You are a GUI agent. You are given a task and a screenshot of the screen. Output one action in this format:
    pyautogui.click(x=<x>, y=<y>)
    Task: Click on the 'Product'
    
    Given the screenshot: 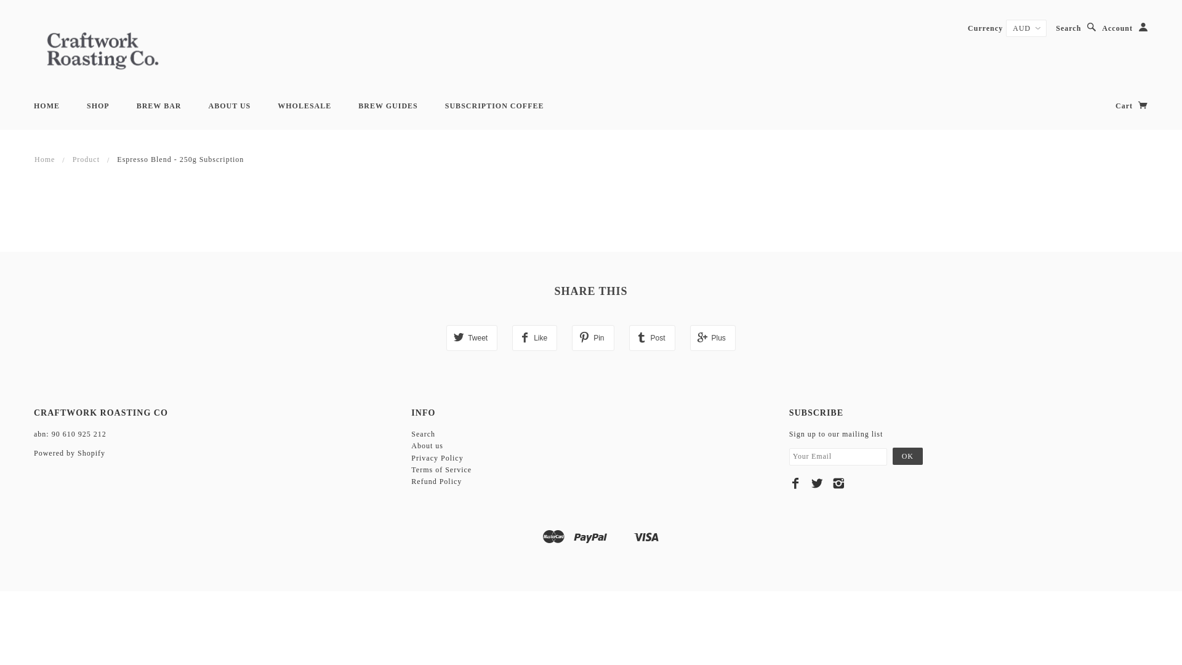 What is the action you would take?
    pyautogui.click(x=72, y=158)
    